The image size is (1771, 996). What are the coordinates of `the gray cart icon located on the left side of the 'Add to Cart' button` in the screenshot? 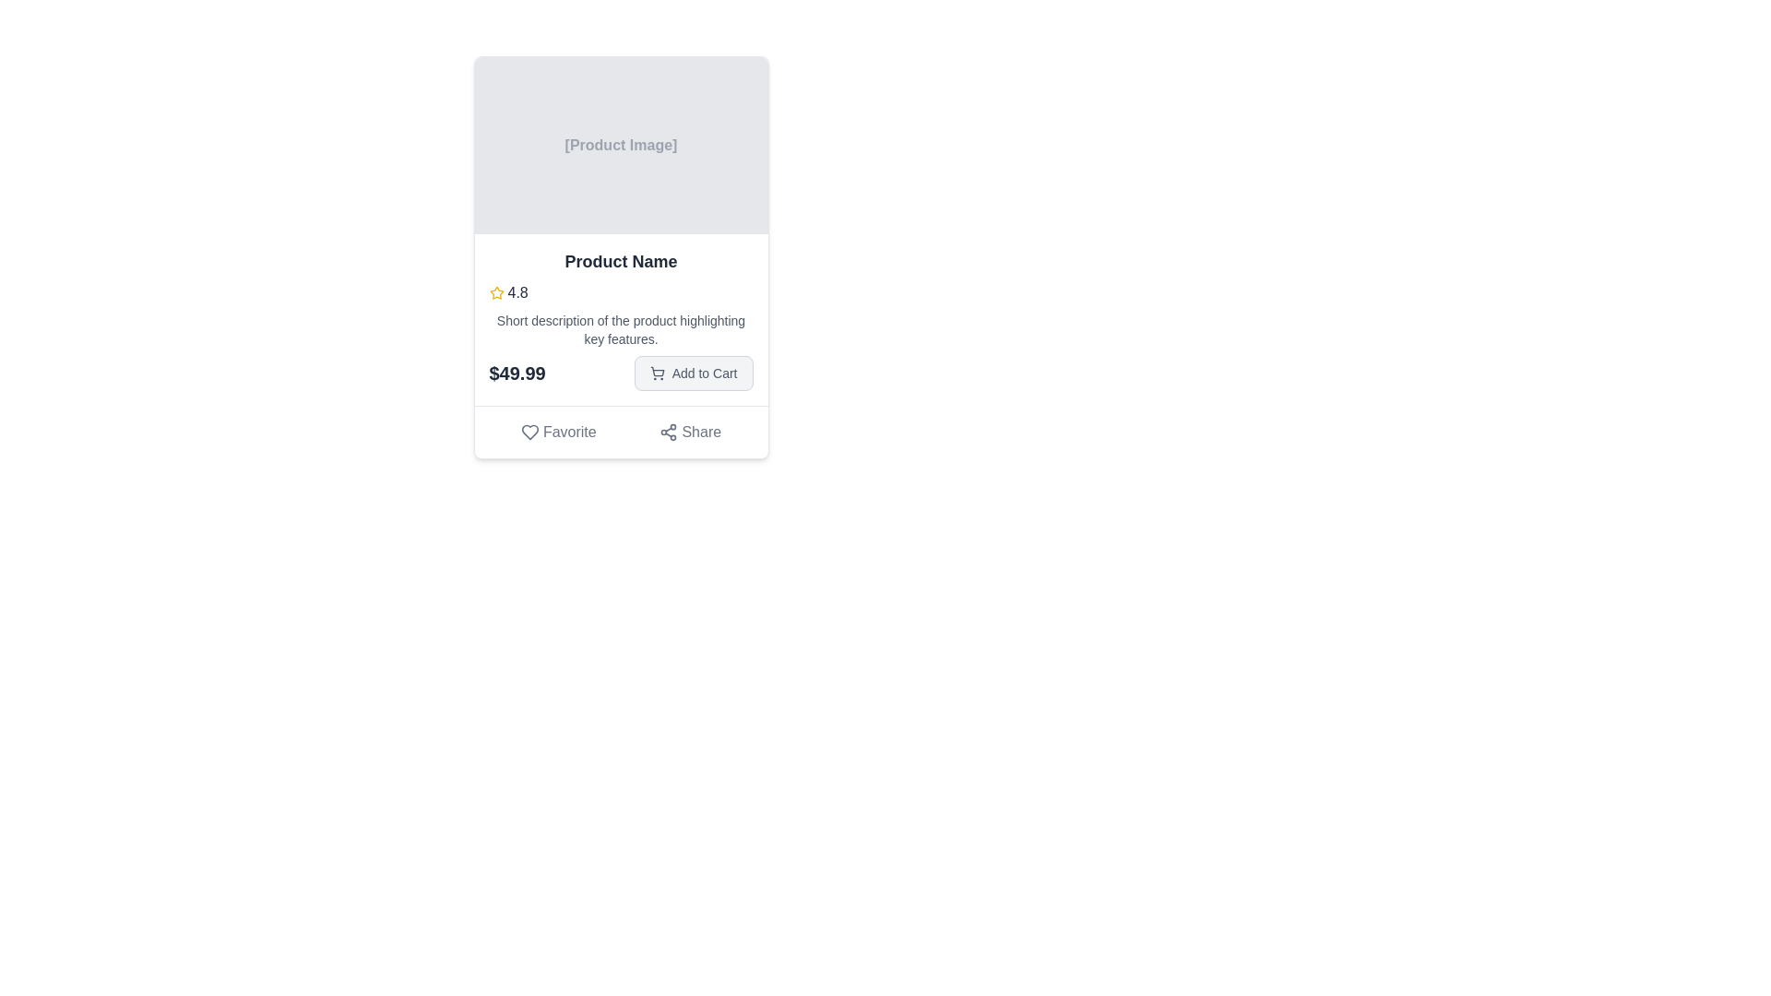 It's located at (657, 373).